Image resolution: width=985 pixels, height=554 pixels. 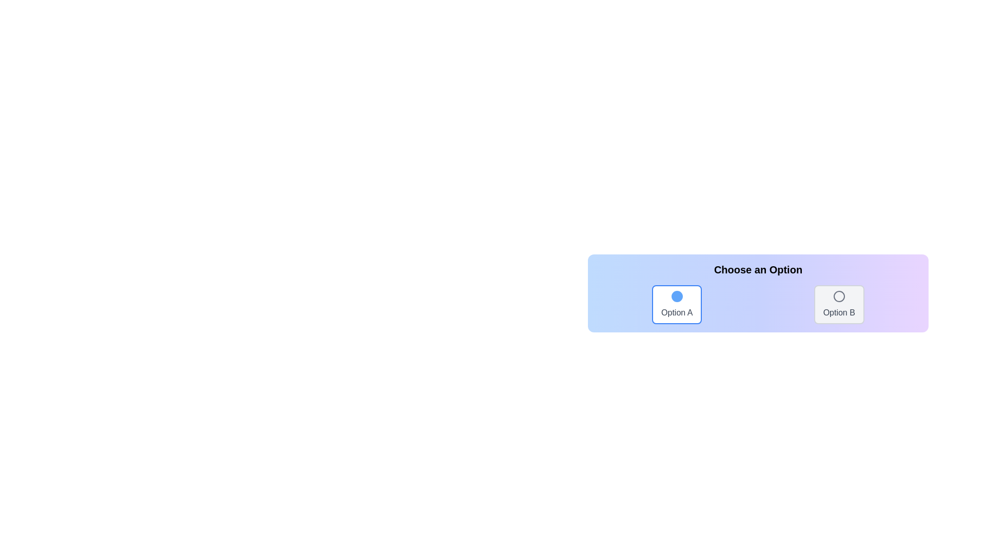 What do you see at coordinates (677, 296) in the screenshot?
I see `the SVG-based circle indicator within the 'Option A' selection interface` at bounding box center [677, 296].